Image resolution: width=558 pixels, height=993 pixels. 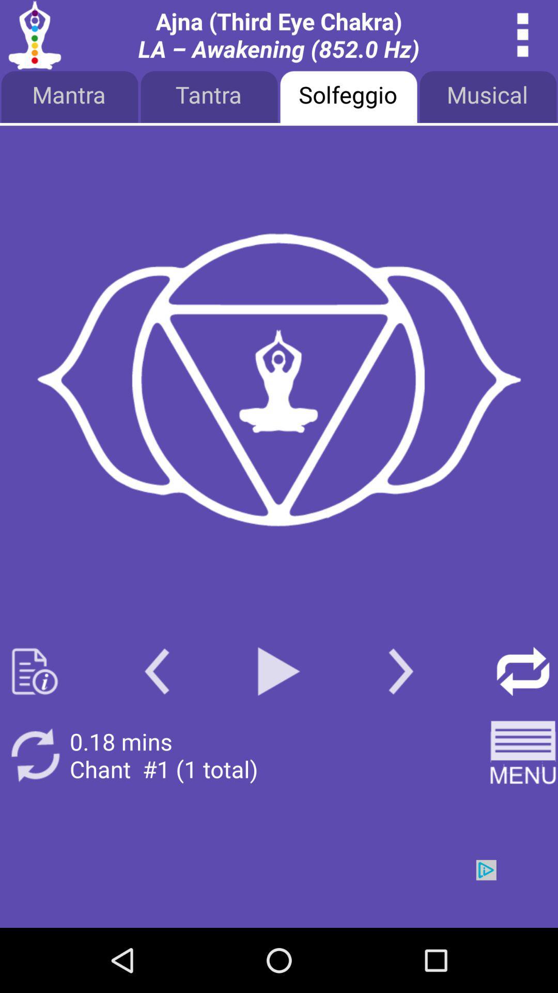 I want to click on repeat, so click(x=34, y=755).